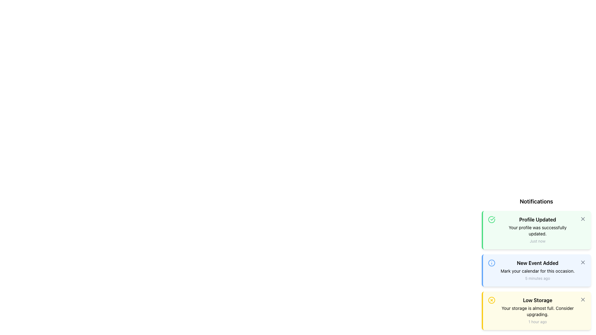  Describe the element at coordinates (537, 231) in the screenshot. I see `the text label that displays 'Your profile was successfully updated.' which is located below the title 'Profile Updated' and above the timestamp 'Just now' within the notification card` at that location.